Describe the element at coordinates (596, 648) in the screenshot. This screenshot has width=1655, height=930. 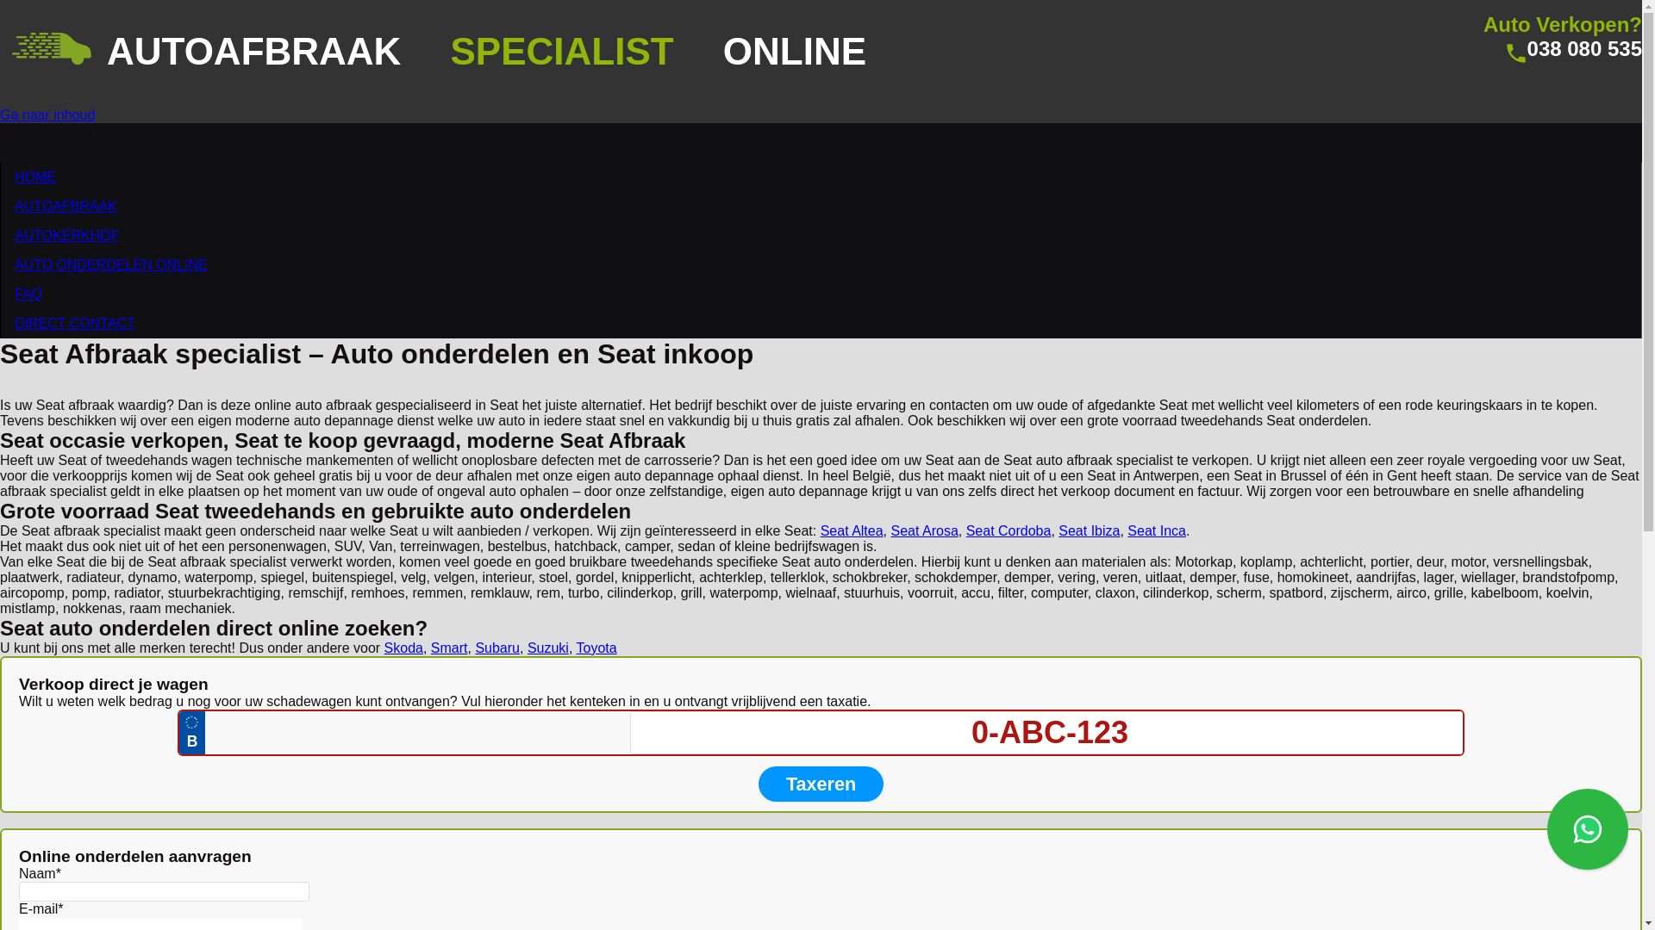
I see `'Toyota'` at that location.